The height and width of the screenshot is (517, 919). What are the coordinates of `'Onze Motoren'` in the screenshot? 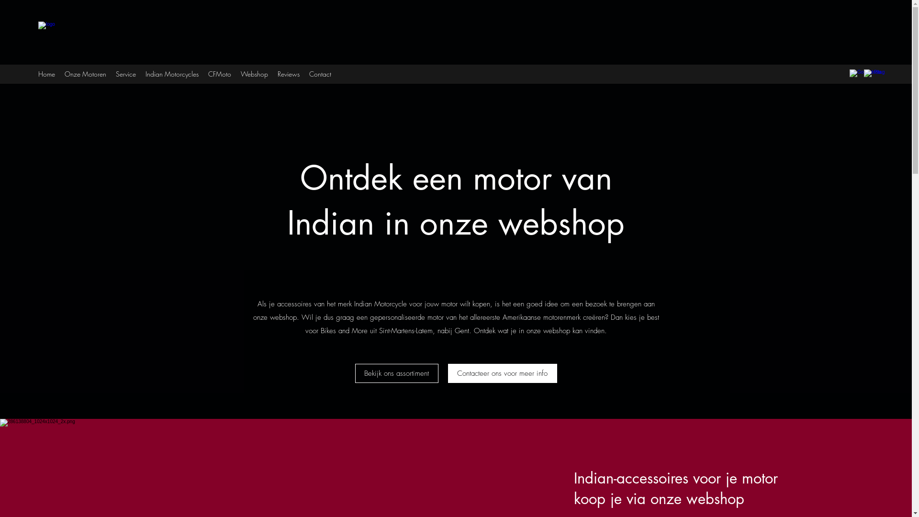 It's located at (85, 73).